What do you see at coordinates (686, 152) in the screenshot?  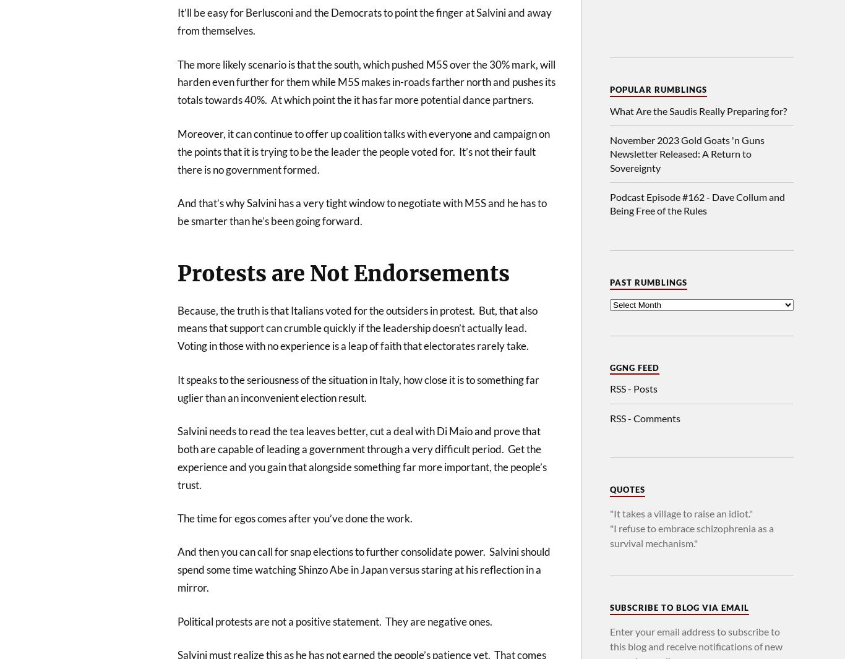 I see `'November 2023 Gold Goats 'n Guns Newsletter Released: A Return to Sovereignty'` at bounding box center [686, 152].